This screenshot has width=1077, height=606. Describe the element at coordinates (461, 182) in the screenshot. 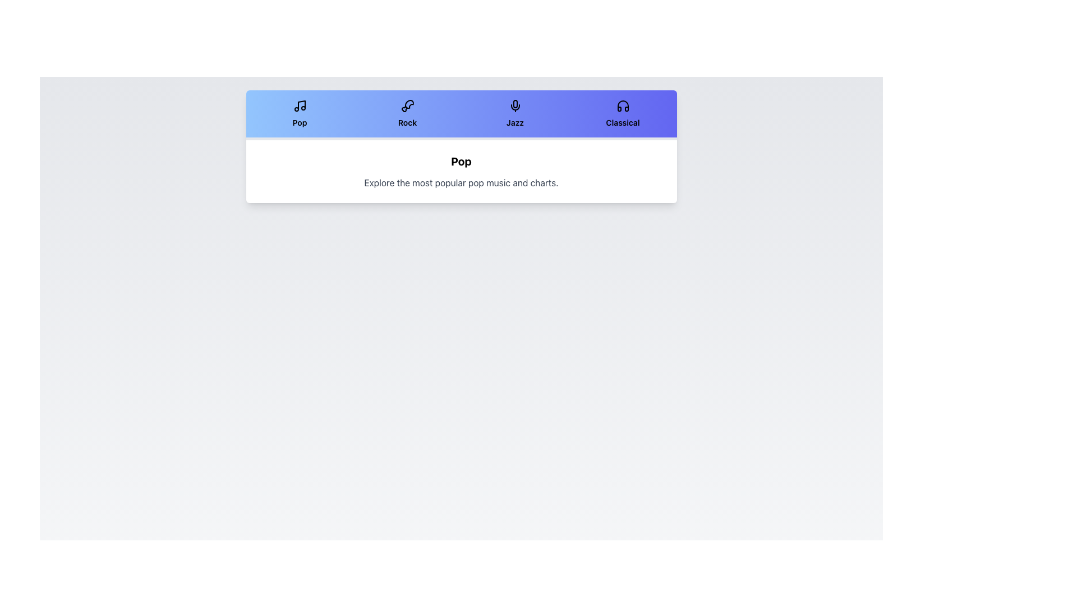

I see `text label that reads 'Explore the most popular pop music and charts.' located below the header 'Pop' in a white card` at that location.